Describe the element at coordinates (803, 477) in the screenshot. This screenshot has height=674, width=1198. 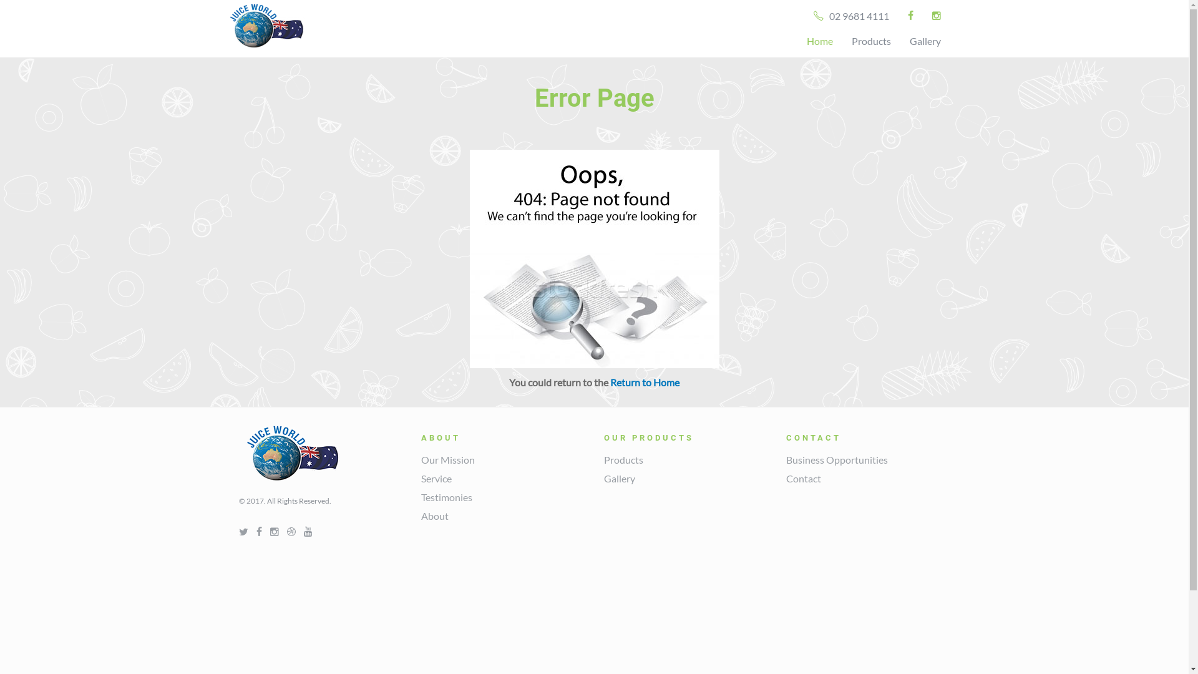
I see `'Contact'` at that location.